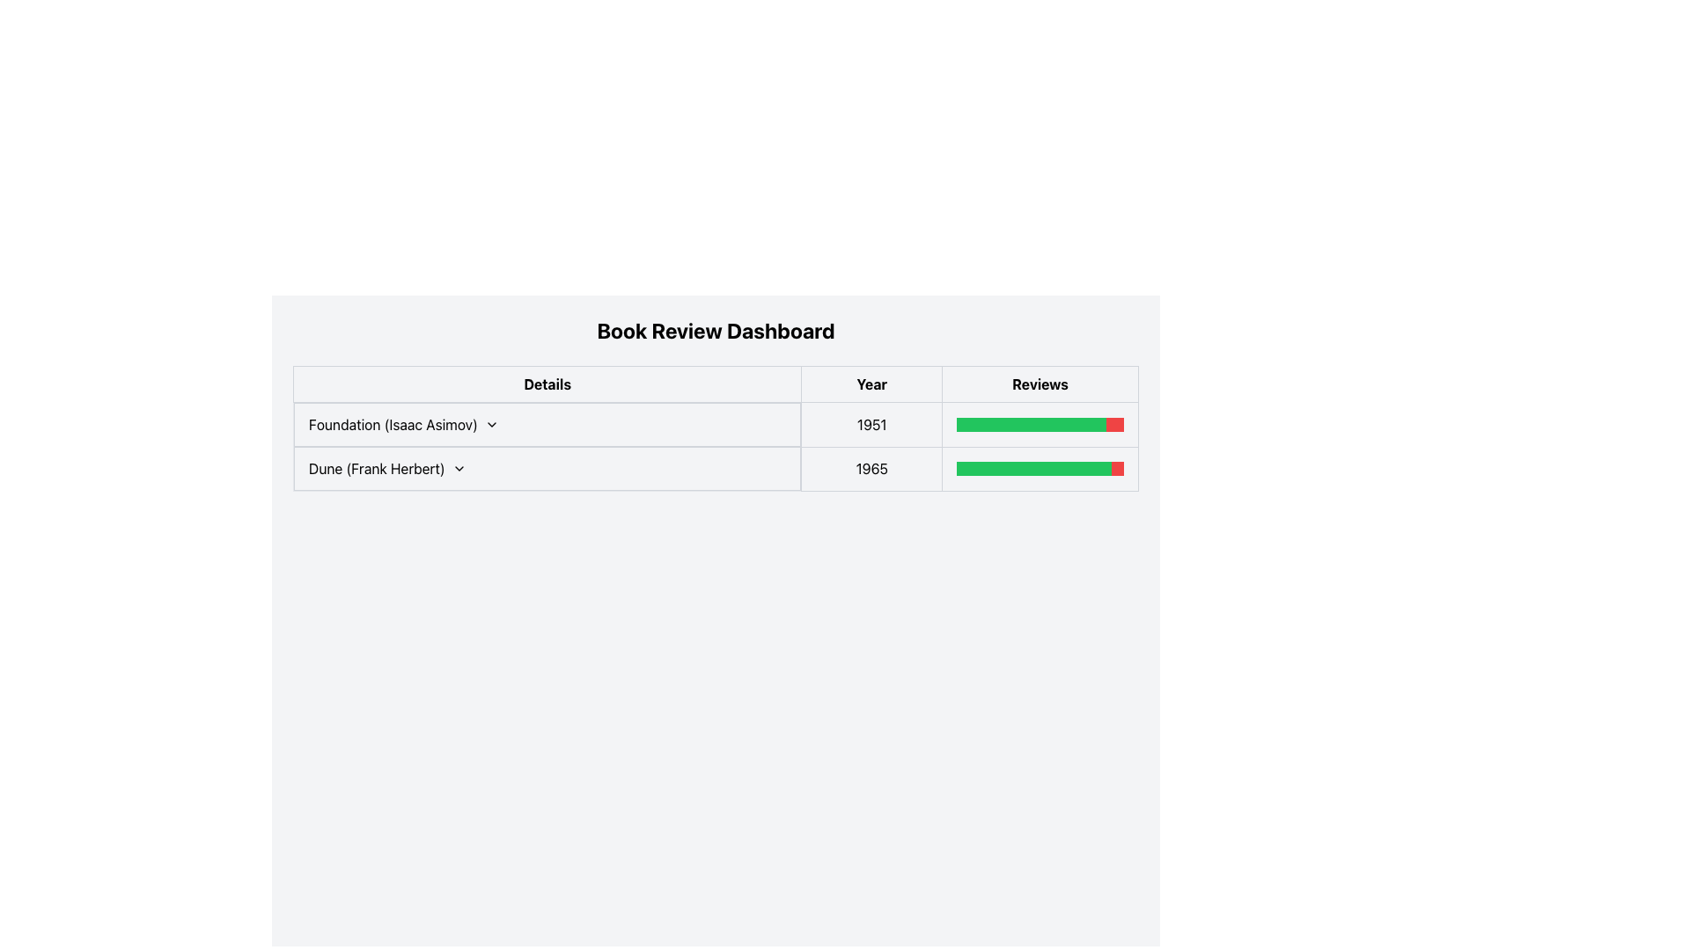 This screenshot has height=950, width=1690. I want to click on the second row of the table representing the book 'Dune' by Frank Herbert for selection, so click(716, 468).